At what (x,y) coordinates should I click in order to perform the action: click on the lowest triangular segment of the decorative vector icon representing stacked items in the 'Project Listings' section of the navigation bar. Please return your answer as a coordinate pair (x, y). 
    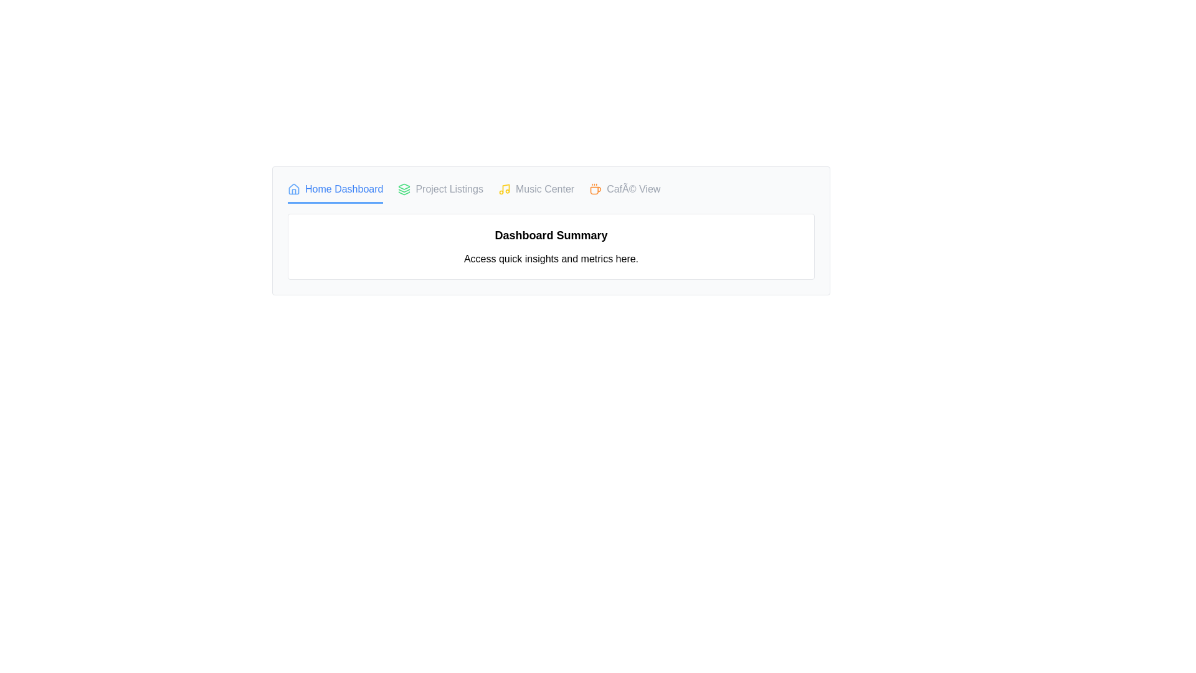
    Looking at the image, I should click on (404, 193).